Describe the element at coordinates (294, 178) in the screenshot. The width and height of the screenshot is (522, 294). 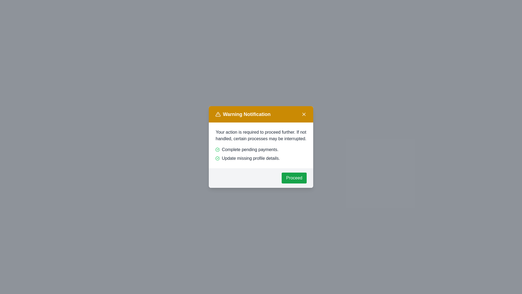
I see `the rectangular green button labeled 'Proceed' with rounded corners` at that location.